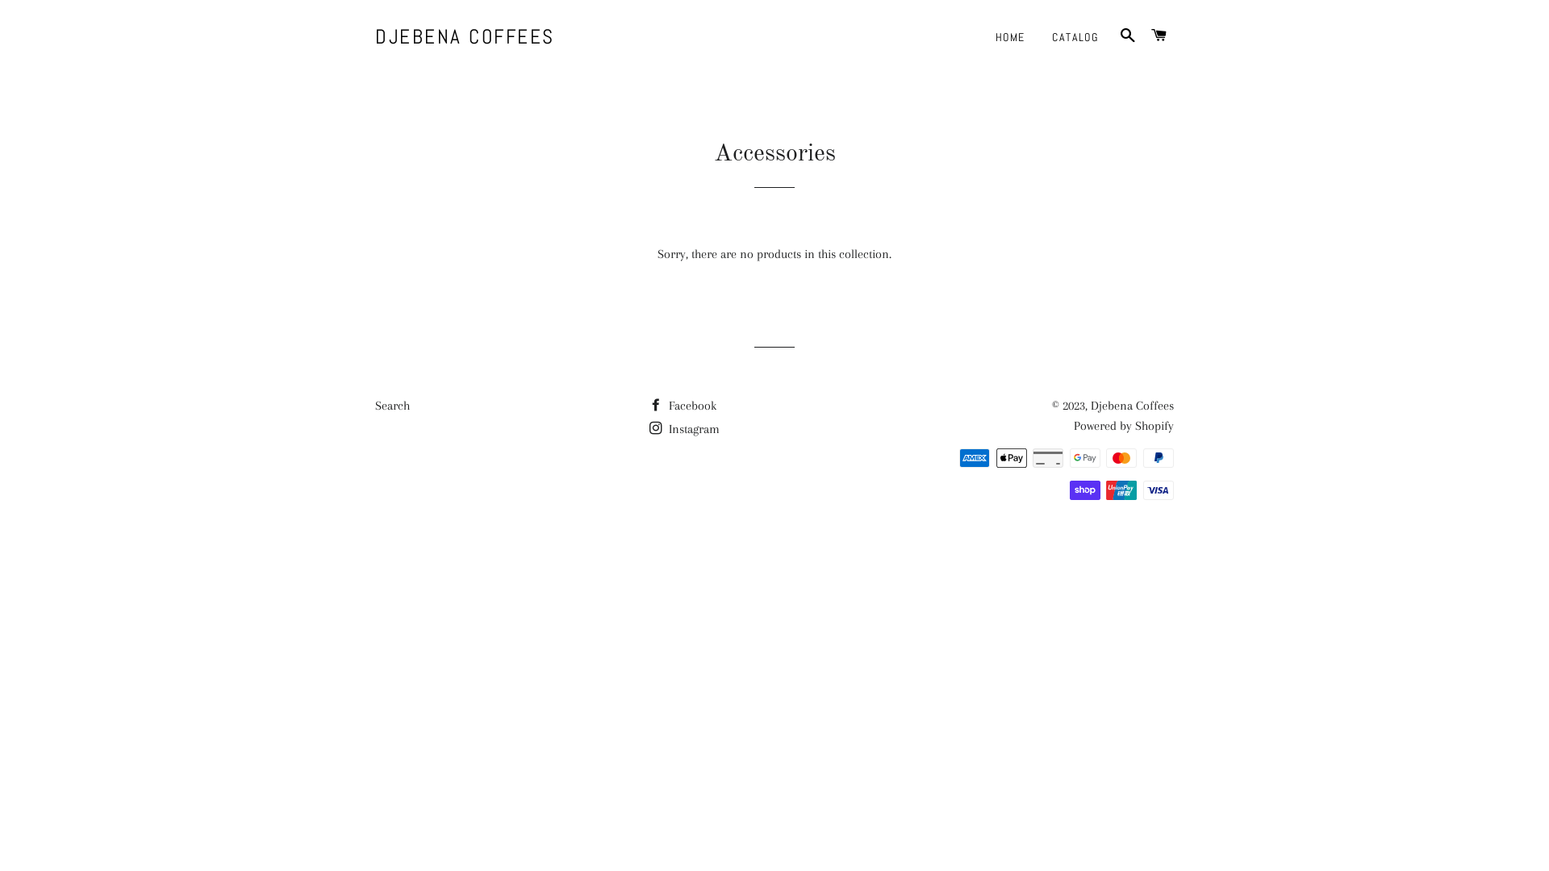 Image resolution: width=1549 pixels, height=871 pixels. Describe the element at coordinates (1145, 36) in the screenshot. I see `'CART'` at that location.